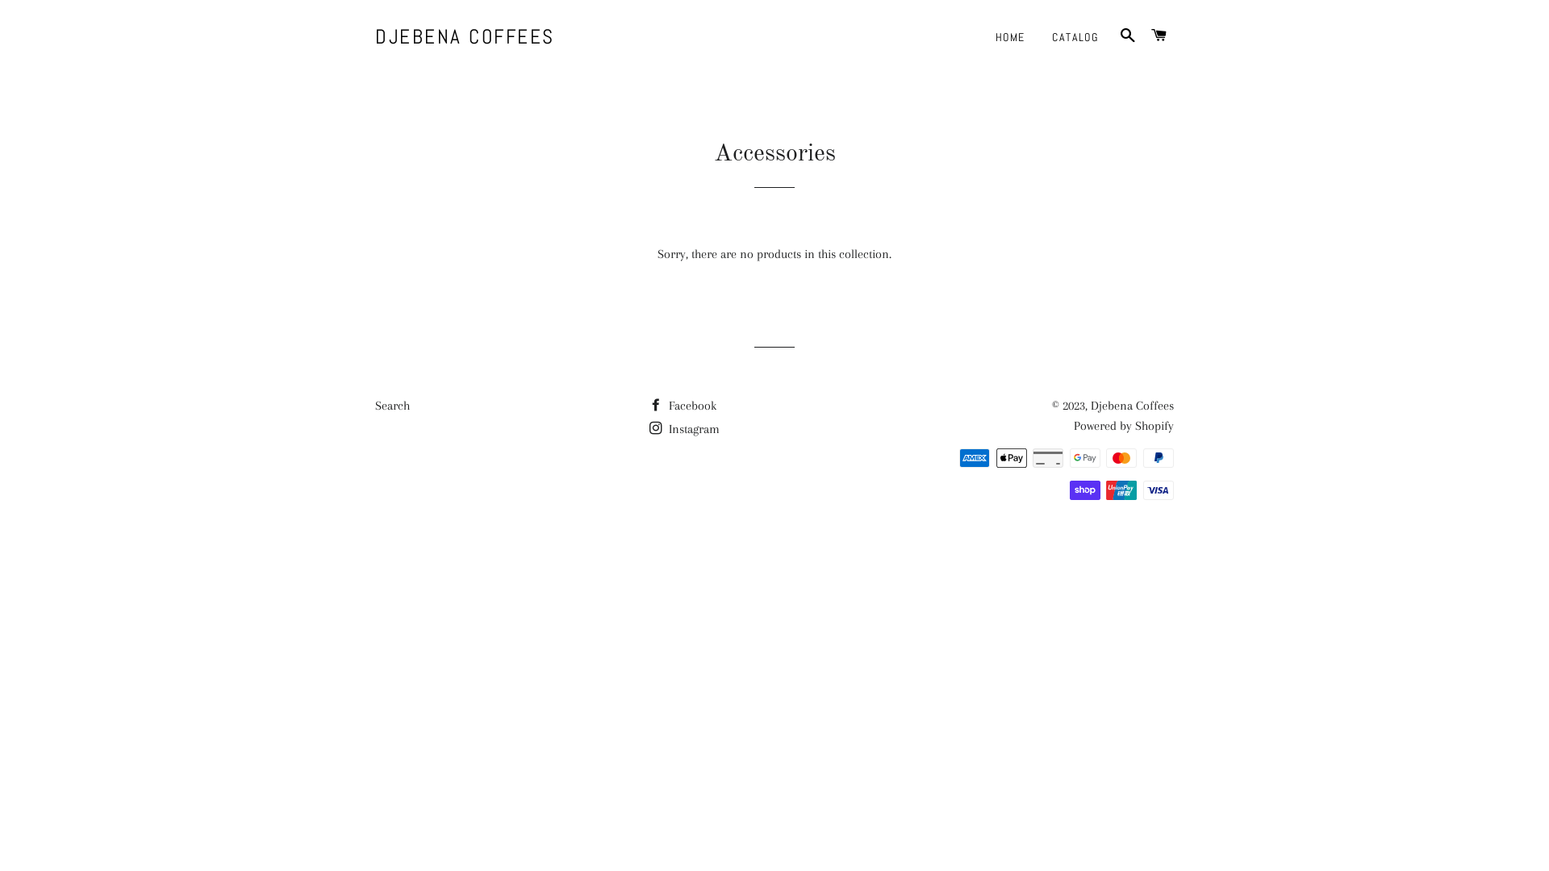 Image resolution: width=1549 pixels, height=871 pixels. Describe the element at coordinates (1145, 36) in the screenshot. I see `'CART'` at that location.